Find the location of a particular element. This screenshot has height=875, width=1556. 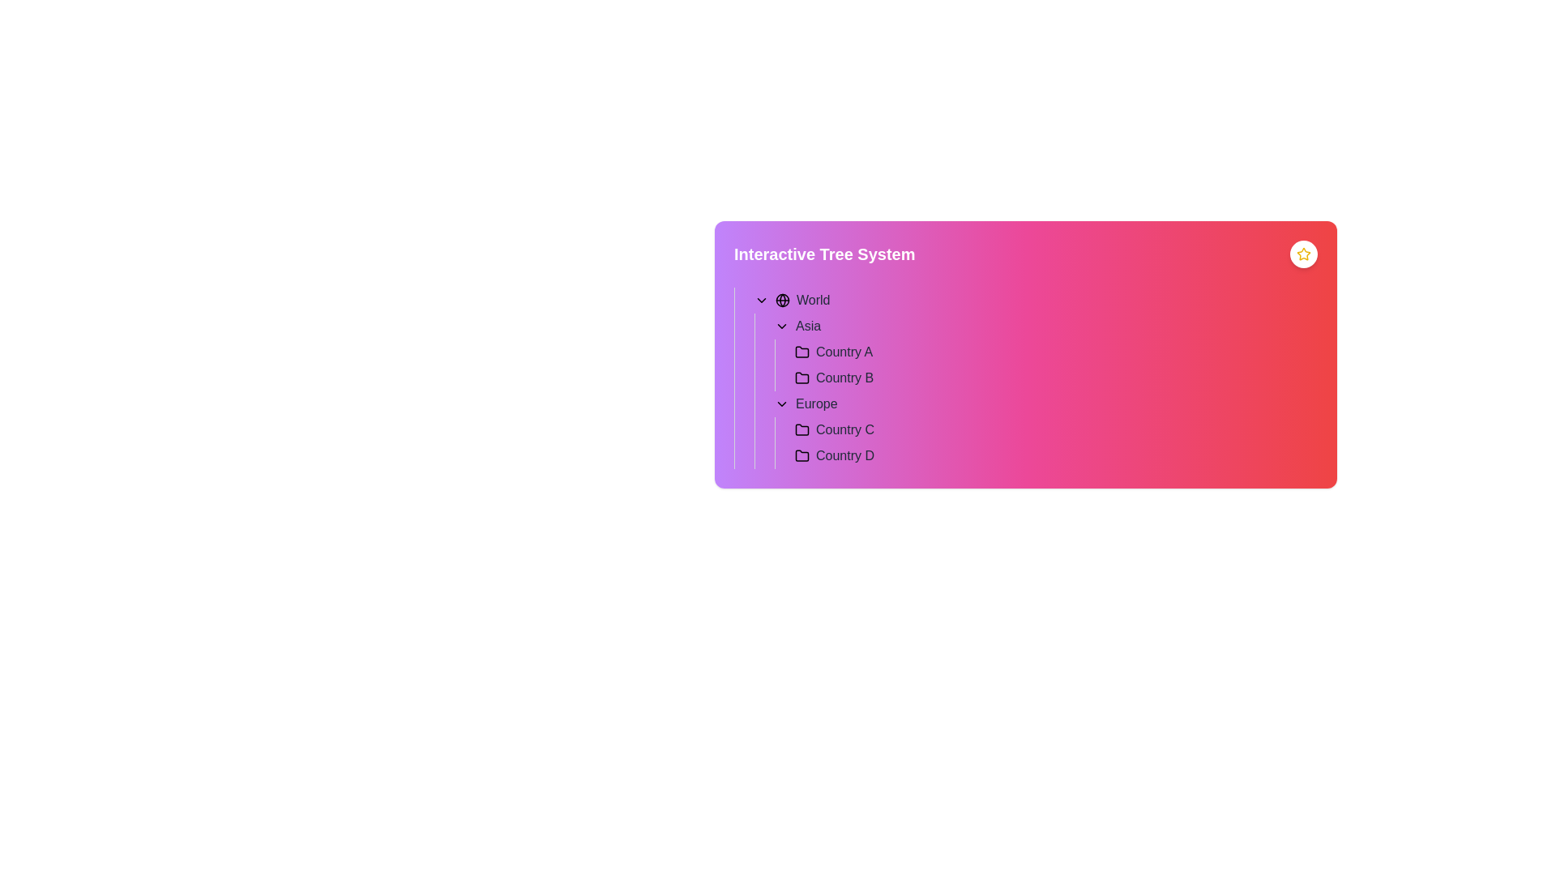

the downward-pointing chevron icon is located at coordinates (761, 300).